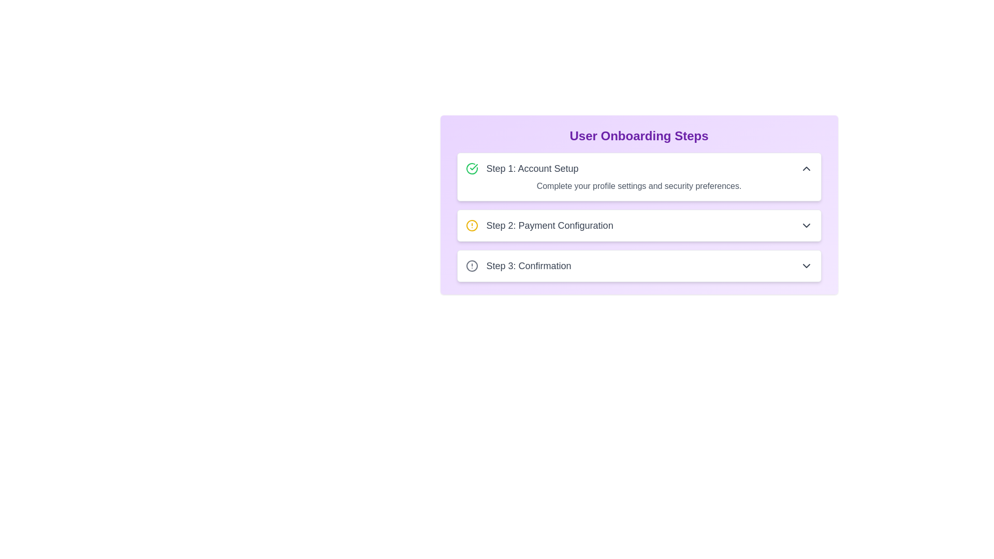 This screenshot has height=559, width=994. I want to click on the text label that indicates 'Step 3: Confirmation' in the third segment of the onboarding process, so click(529, 265).